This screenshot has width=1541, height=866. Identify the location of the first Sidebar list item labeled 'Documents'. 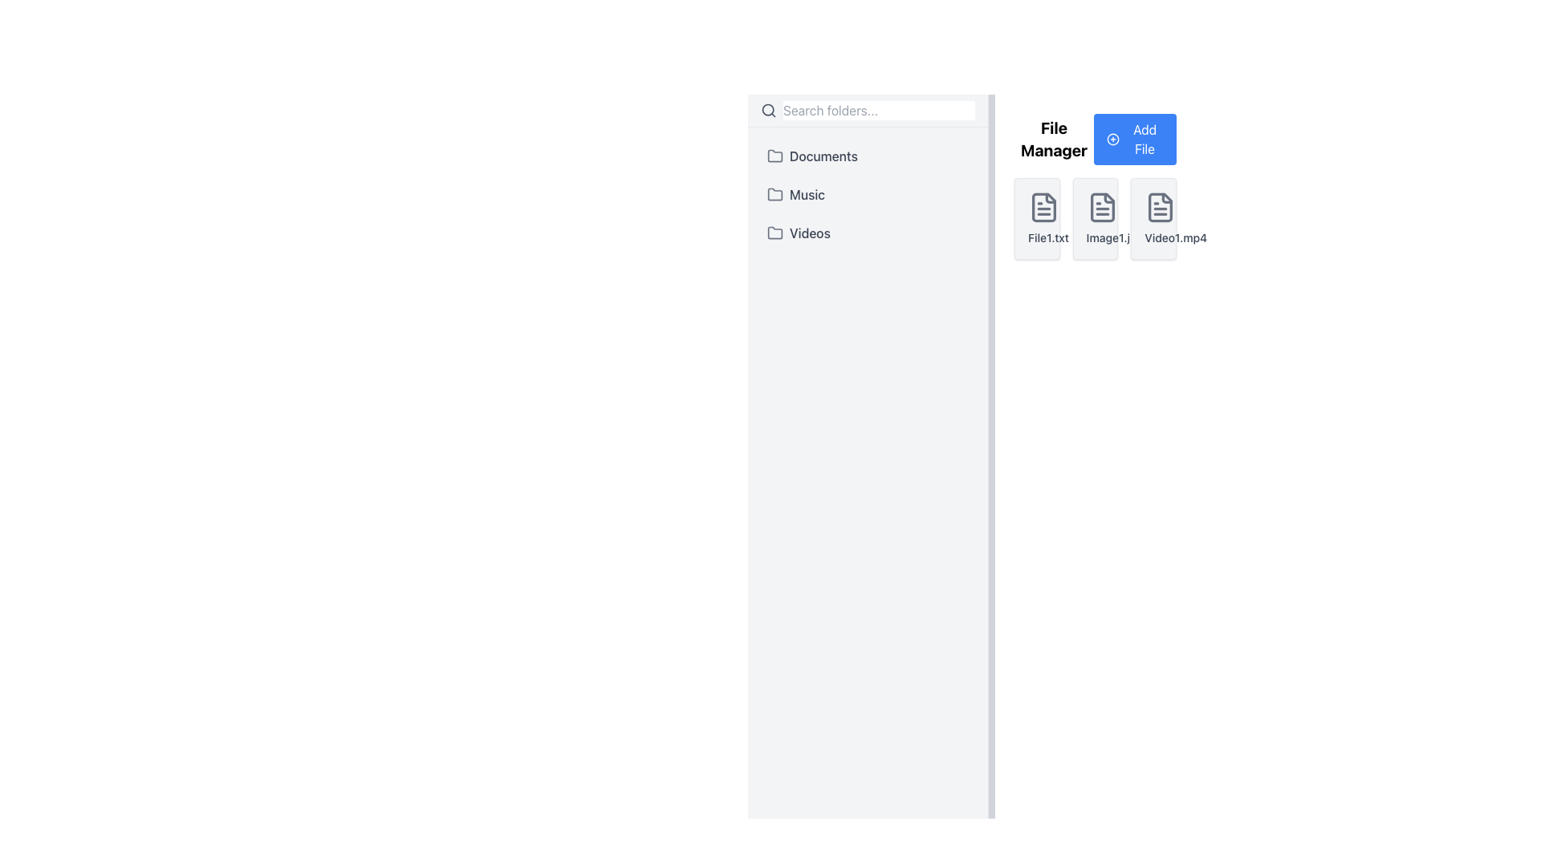
(867, 156).